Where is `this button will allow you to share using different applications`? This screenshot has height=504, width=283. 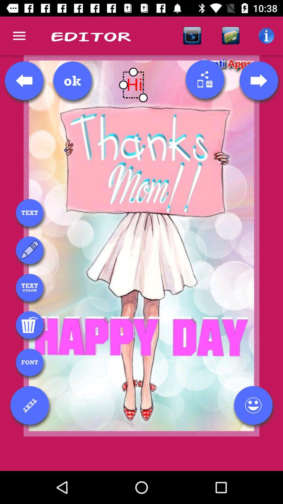 this button will allow you to share using different applications is located at coordinates (205, 79).